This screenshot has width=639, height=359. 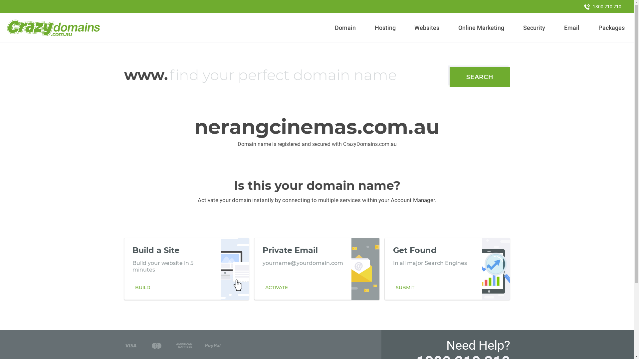 I want to click on 'Online Marketing', so click(x=481, y=28).